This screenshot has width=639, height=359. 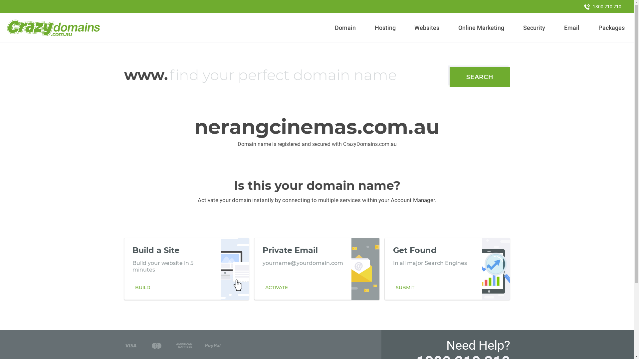 I want to click on 'Online Marketing', so click(x=481, y=28).